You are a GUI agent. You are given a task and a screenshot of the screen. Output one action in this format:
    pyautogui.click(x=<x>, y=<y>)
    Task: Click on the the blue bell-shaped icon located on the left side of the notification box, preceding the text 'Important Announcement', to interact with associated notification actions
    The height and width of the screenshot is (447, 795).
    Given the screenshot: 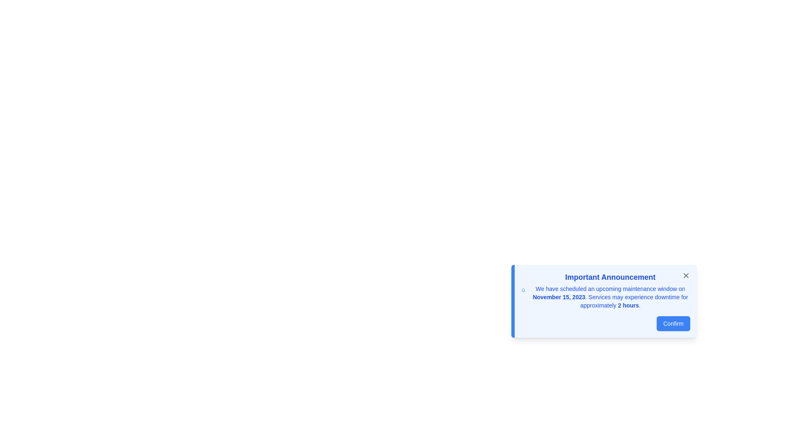 What is the action you would take?
    pyautogui.click(x=523, y=290)
    